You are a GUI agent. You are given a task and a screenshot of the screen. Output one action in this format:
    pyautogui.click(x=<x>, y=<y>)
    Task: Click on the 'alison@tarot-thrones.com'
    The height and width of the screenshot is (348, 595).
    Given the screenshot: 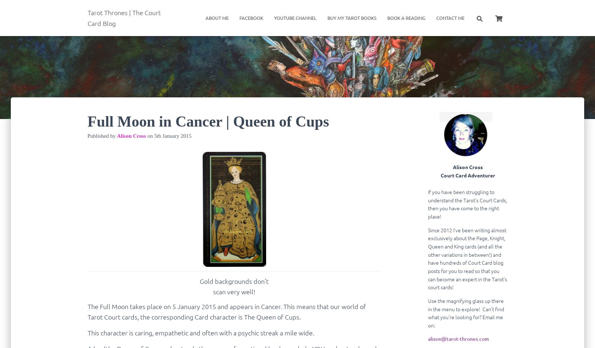 What is the action you would take?
    pyautogui.click(x=428, y=339)
    